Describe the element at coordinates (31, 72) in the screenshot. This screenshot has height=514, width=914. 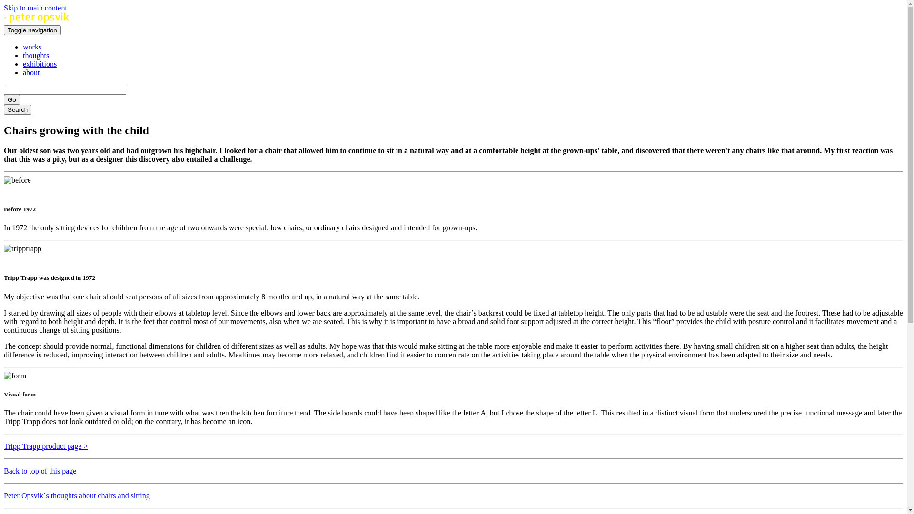
I see `'about'` at that location.